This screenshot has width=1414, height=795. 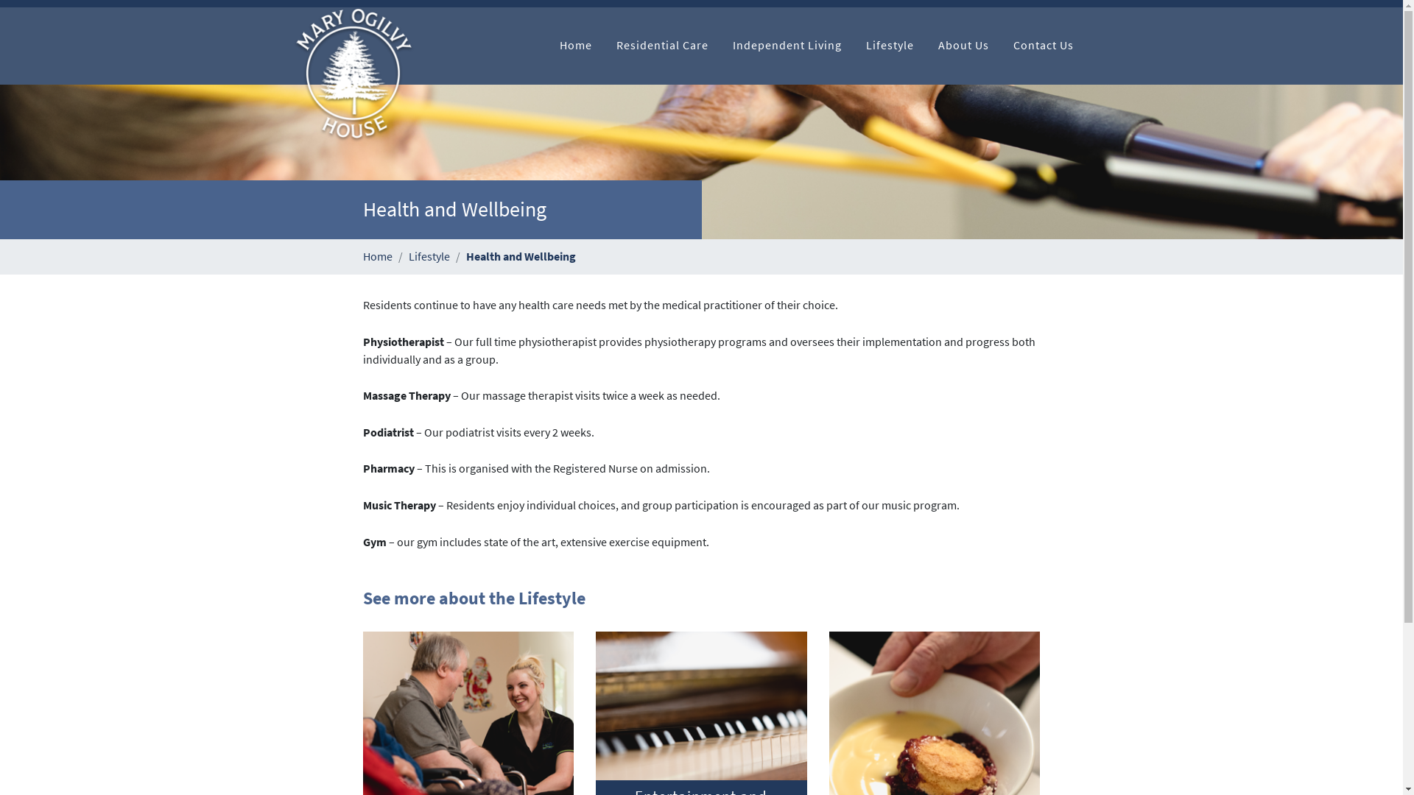 I want to click on 'Home', so click(x=377, y=255).